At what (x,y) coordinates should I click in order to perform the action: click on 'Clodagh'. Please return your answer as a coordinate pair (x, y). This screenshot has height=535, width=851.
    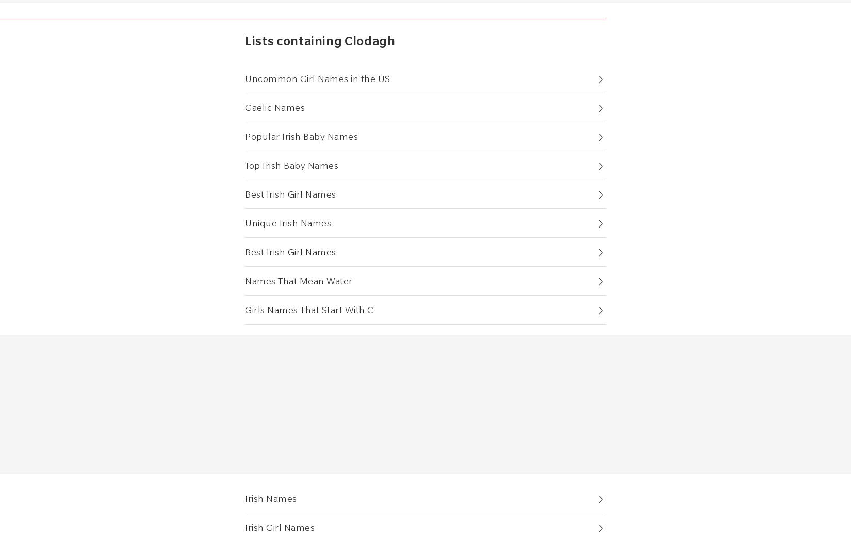
    Looking at the image, I should click on (369, 40).